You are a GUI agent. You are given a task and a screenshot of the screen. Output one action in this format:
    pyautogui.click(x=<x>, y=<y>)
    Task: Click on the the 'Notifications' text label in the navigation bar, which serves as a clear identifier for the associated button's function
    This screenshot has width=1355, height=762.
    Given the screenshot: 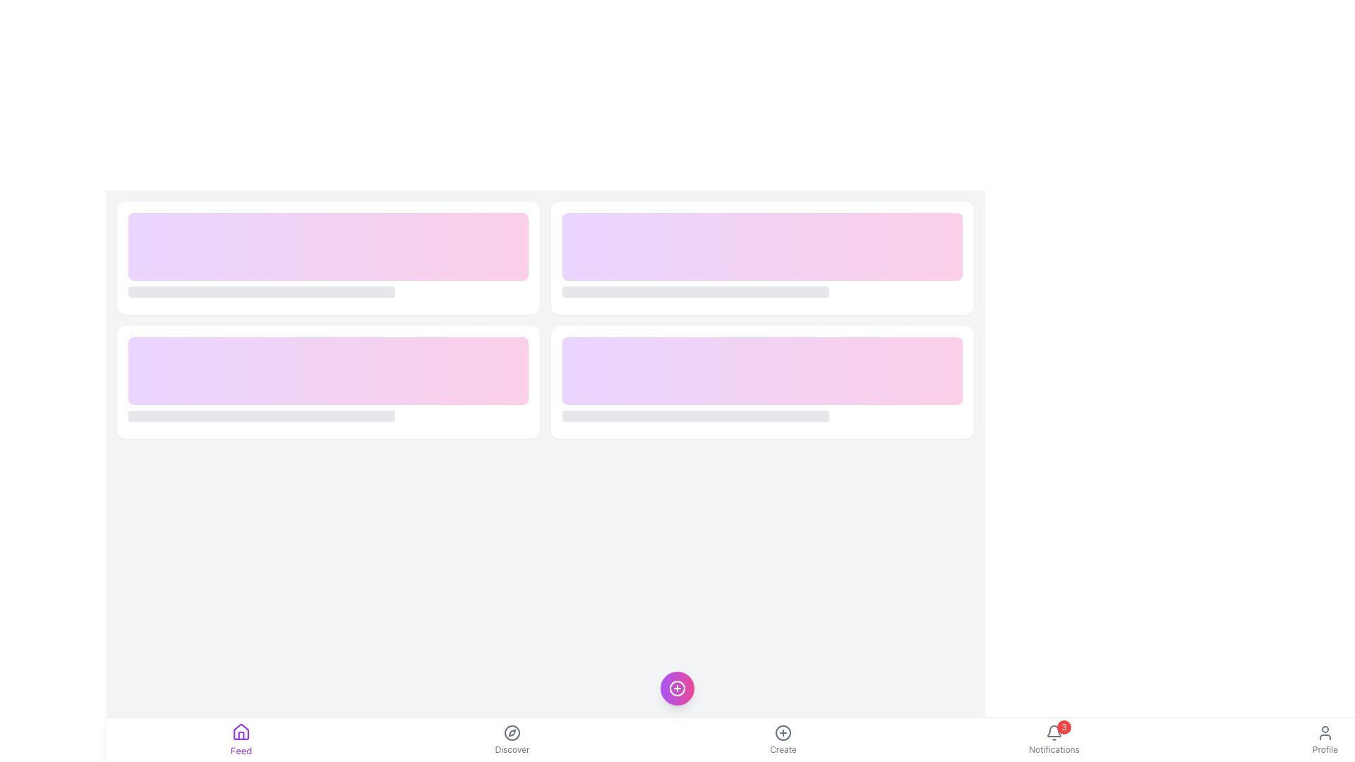 What is the action you would take?
    pyautogui.click(x=1054, y=749)
    